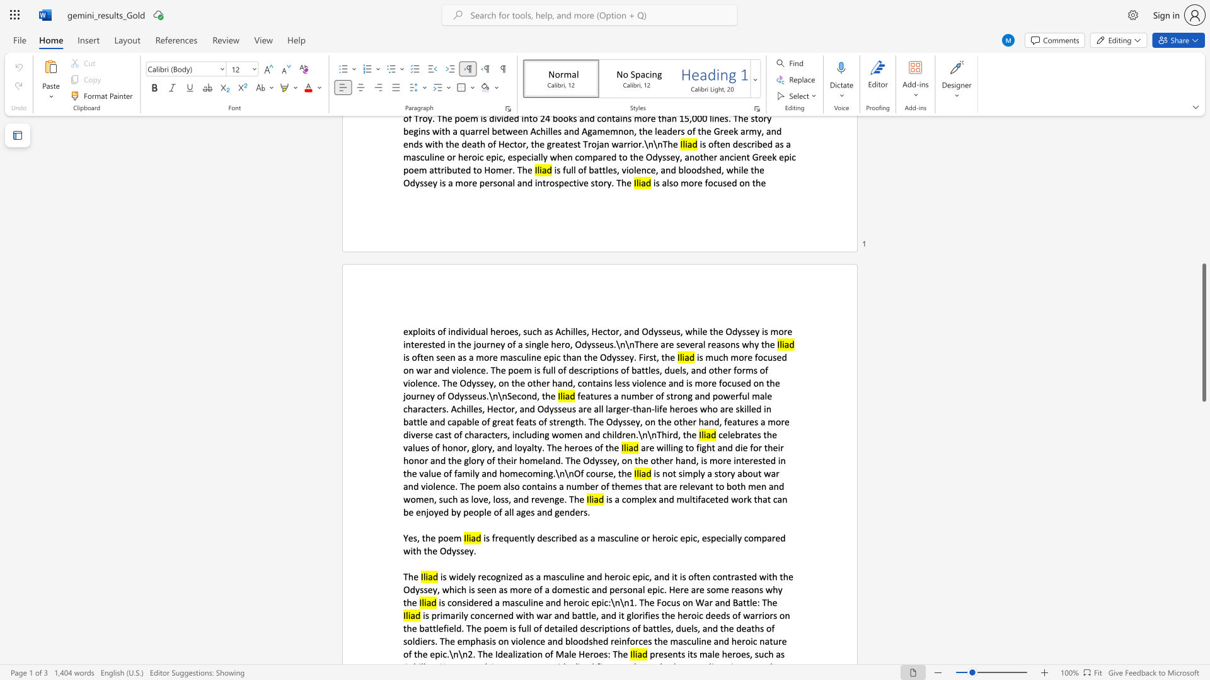 This screenshot has width=1210, height=680. I want to click on the scrollbar to scroll the page up, so click(1203, 144).